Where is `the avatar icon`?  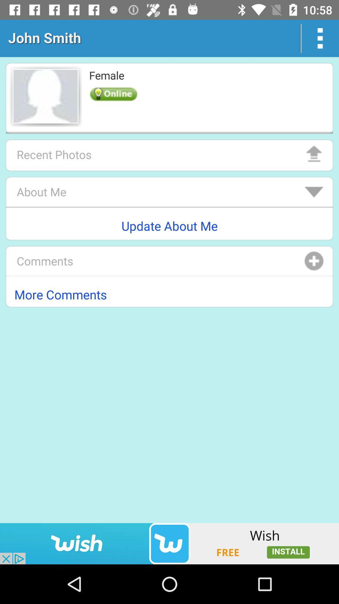
the avatar icon is located at coordinates (45, 96).